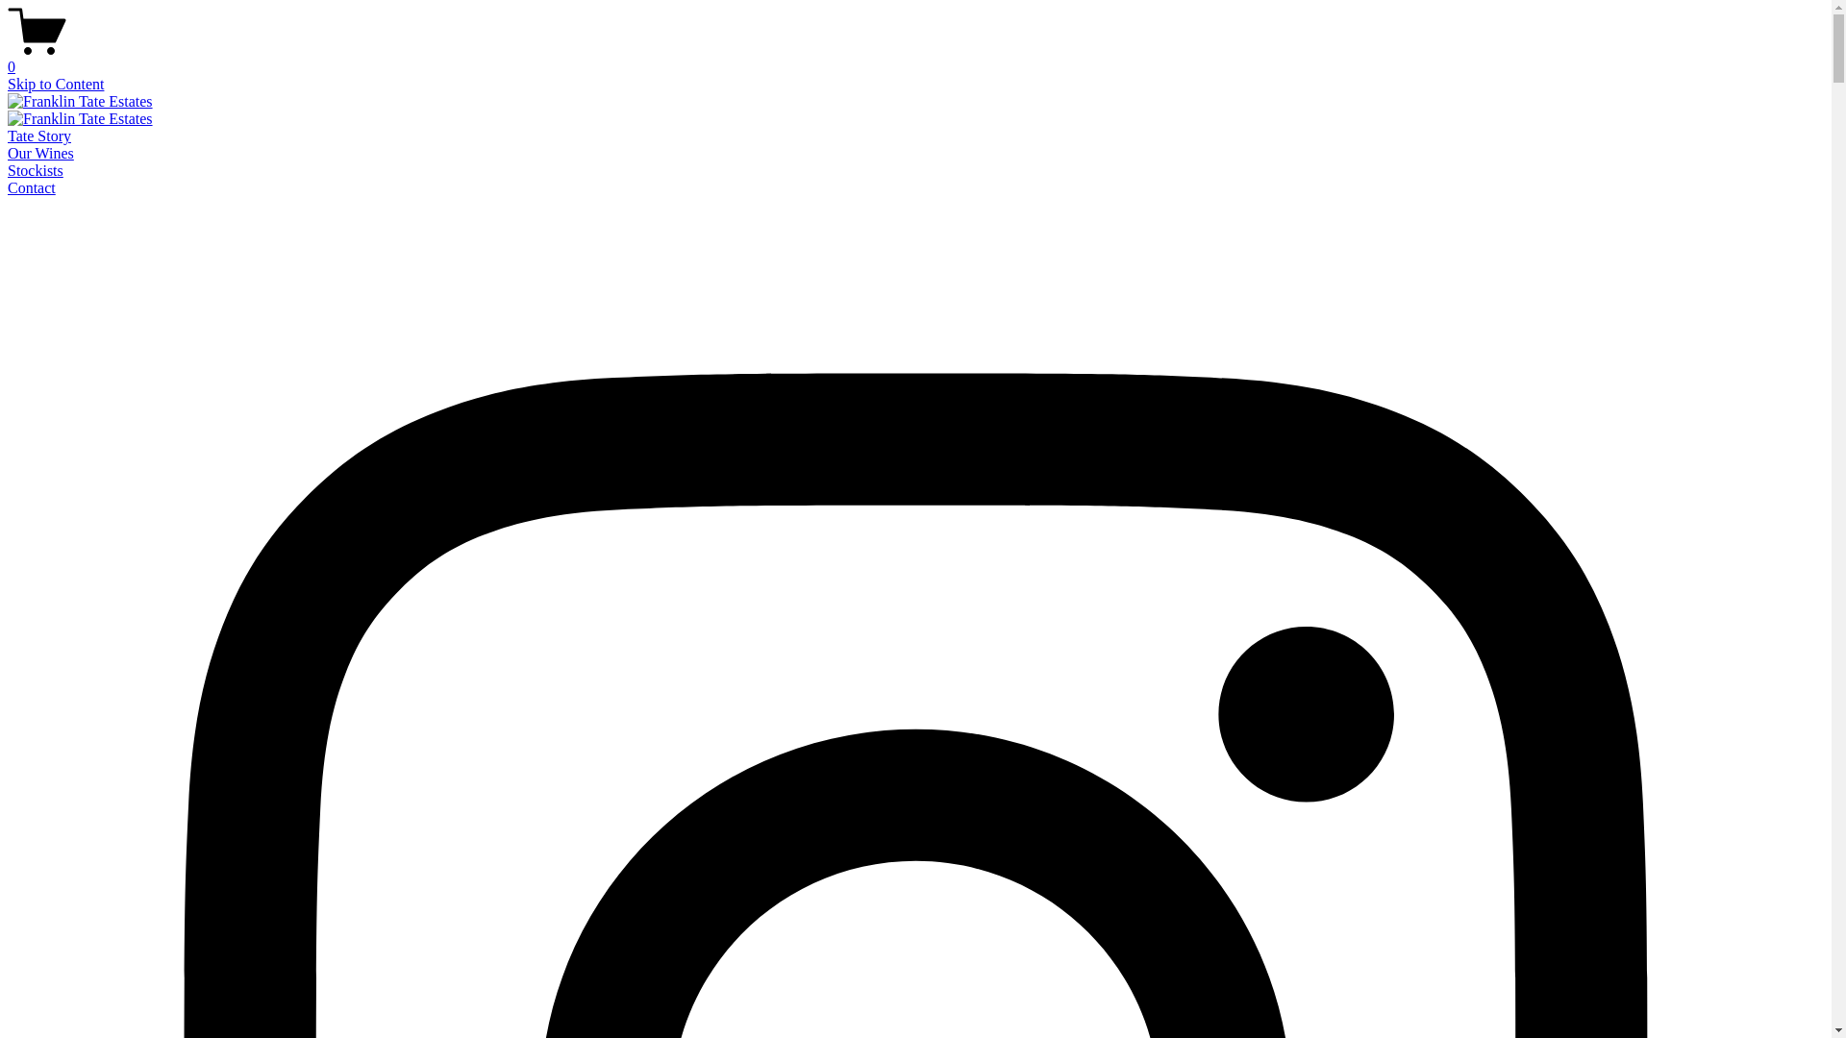 This screenshot has height=1038, width=1846. Describe the element at coordinates (55, 83) in the screenshot. I see `'Skip to Content'` at that location.